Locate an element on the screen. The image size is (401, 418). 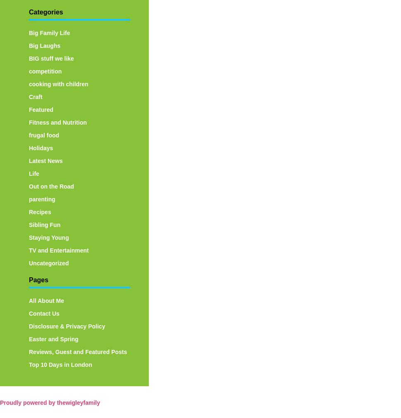
'Featured' is located at coordinates (41, 109).